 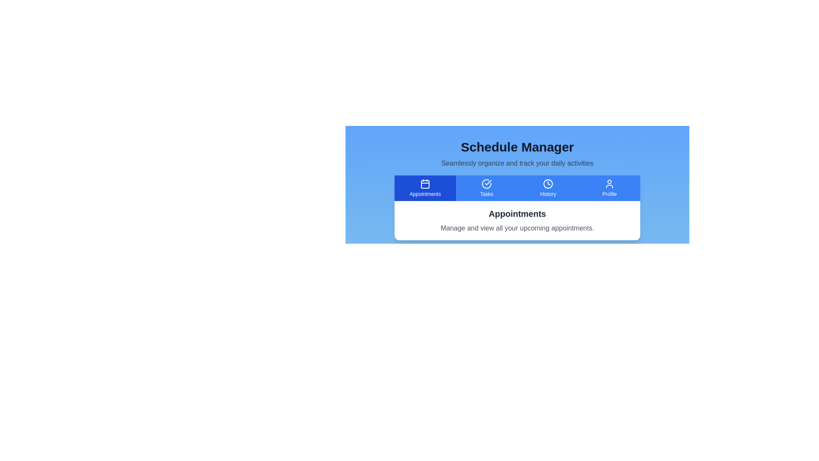 I want to click on the Text content block that displays 'Appointments' and its description 'Manage and view all your upcoming appointments.', so click(x=517, y=207).